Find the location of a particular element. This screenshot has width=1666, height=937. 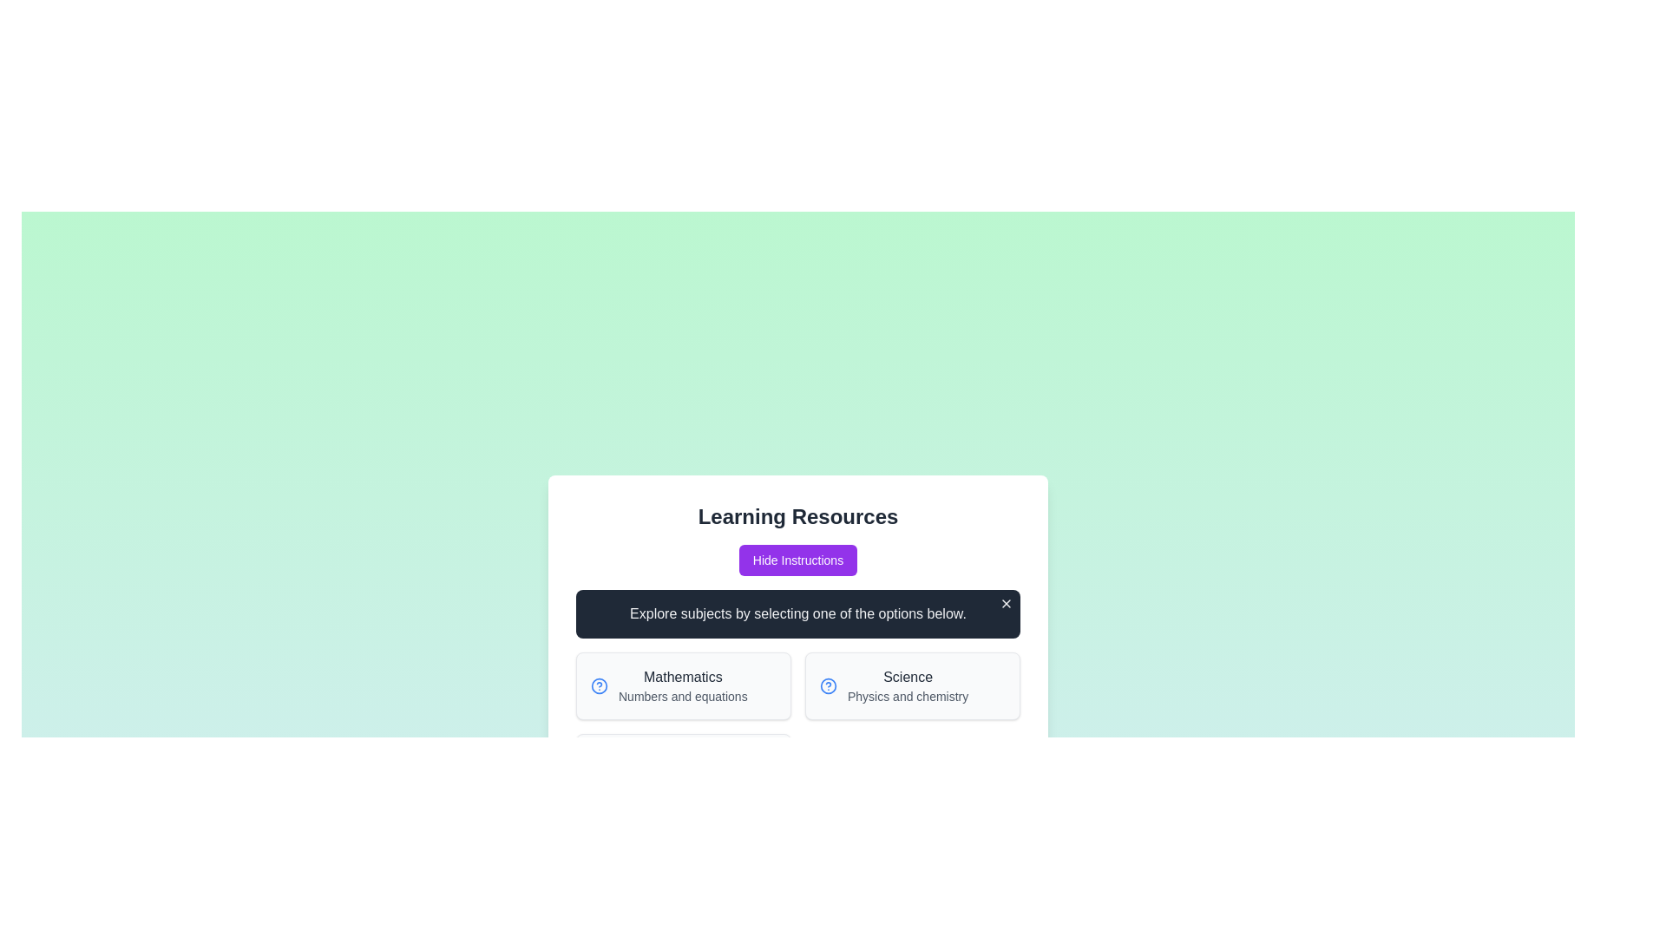

text label stating 'Numbers and equations', which is styled in a smaller gray font and located beneath the 'Mathematics' text is located at coordinates (682, 695).